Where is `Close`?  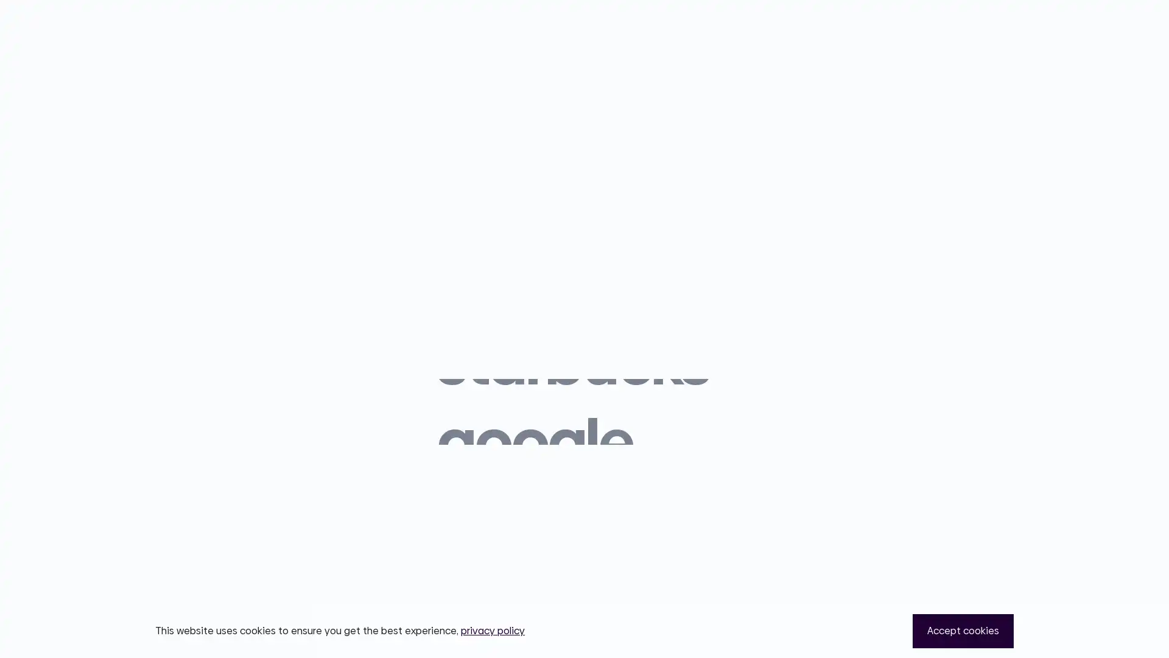
Close is located at coordinates (1022, 631).